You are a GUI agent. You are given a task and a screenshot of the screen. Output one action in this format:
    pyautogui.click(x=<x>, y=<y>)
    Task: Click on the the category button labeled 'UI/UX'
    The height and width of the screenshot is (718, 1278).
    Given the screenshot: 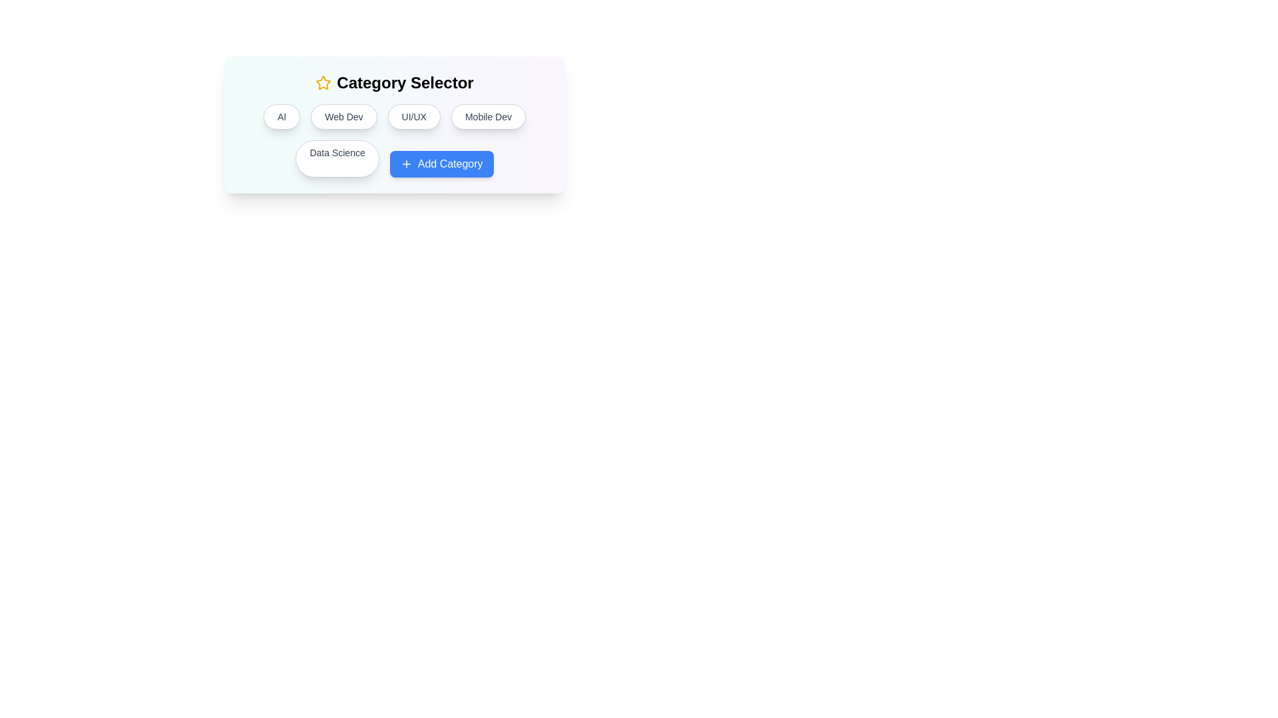 What is the action you would take?
    pyautogui.click(x=413, y=116)
    